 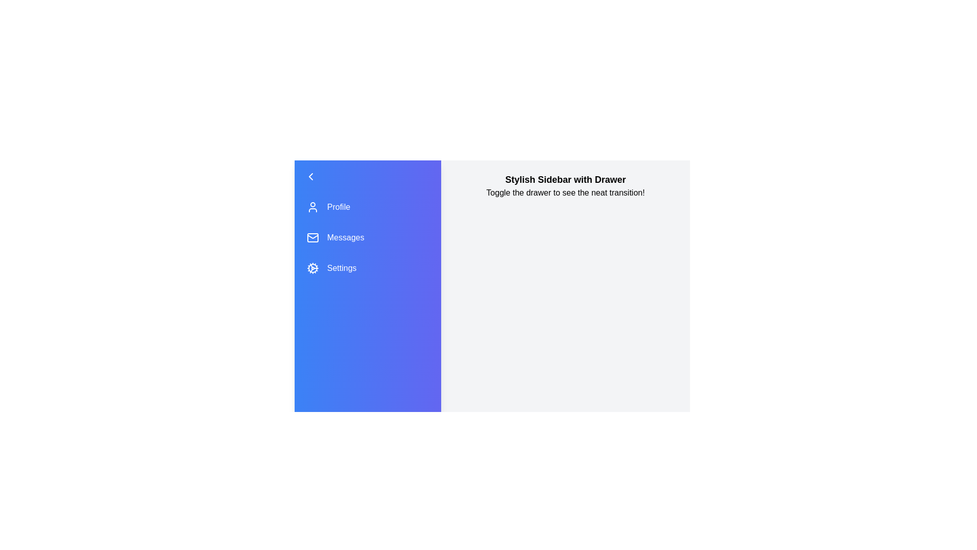 What do you see at coordinates (367, 268) in the screenshot?
I see `the menu item Settings from the sidebar` at bounding box center [367, 268].